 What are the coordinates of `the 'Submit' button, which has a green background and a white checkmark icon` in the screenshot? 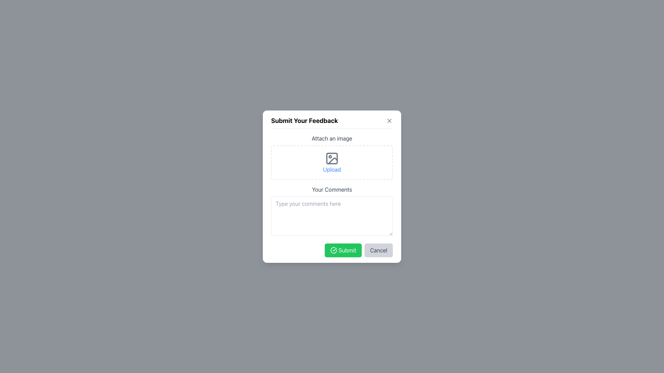 It's located at (343, 250).